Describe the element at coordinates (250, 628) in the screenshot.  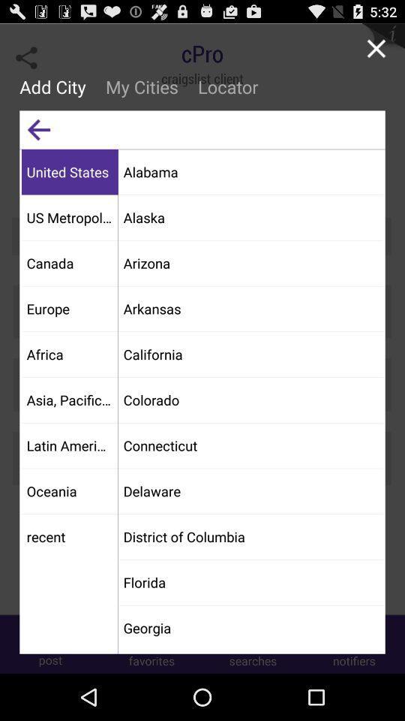
I see `the item below florida` at that location.